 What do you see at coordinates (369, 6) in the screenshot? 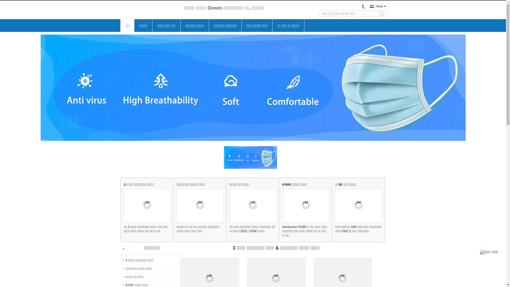
I see `'Hindi'` at bounding box center [369, 6].